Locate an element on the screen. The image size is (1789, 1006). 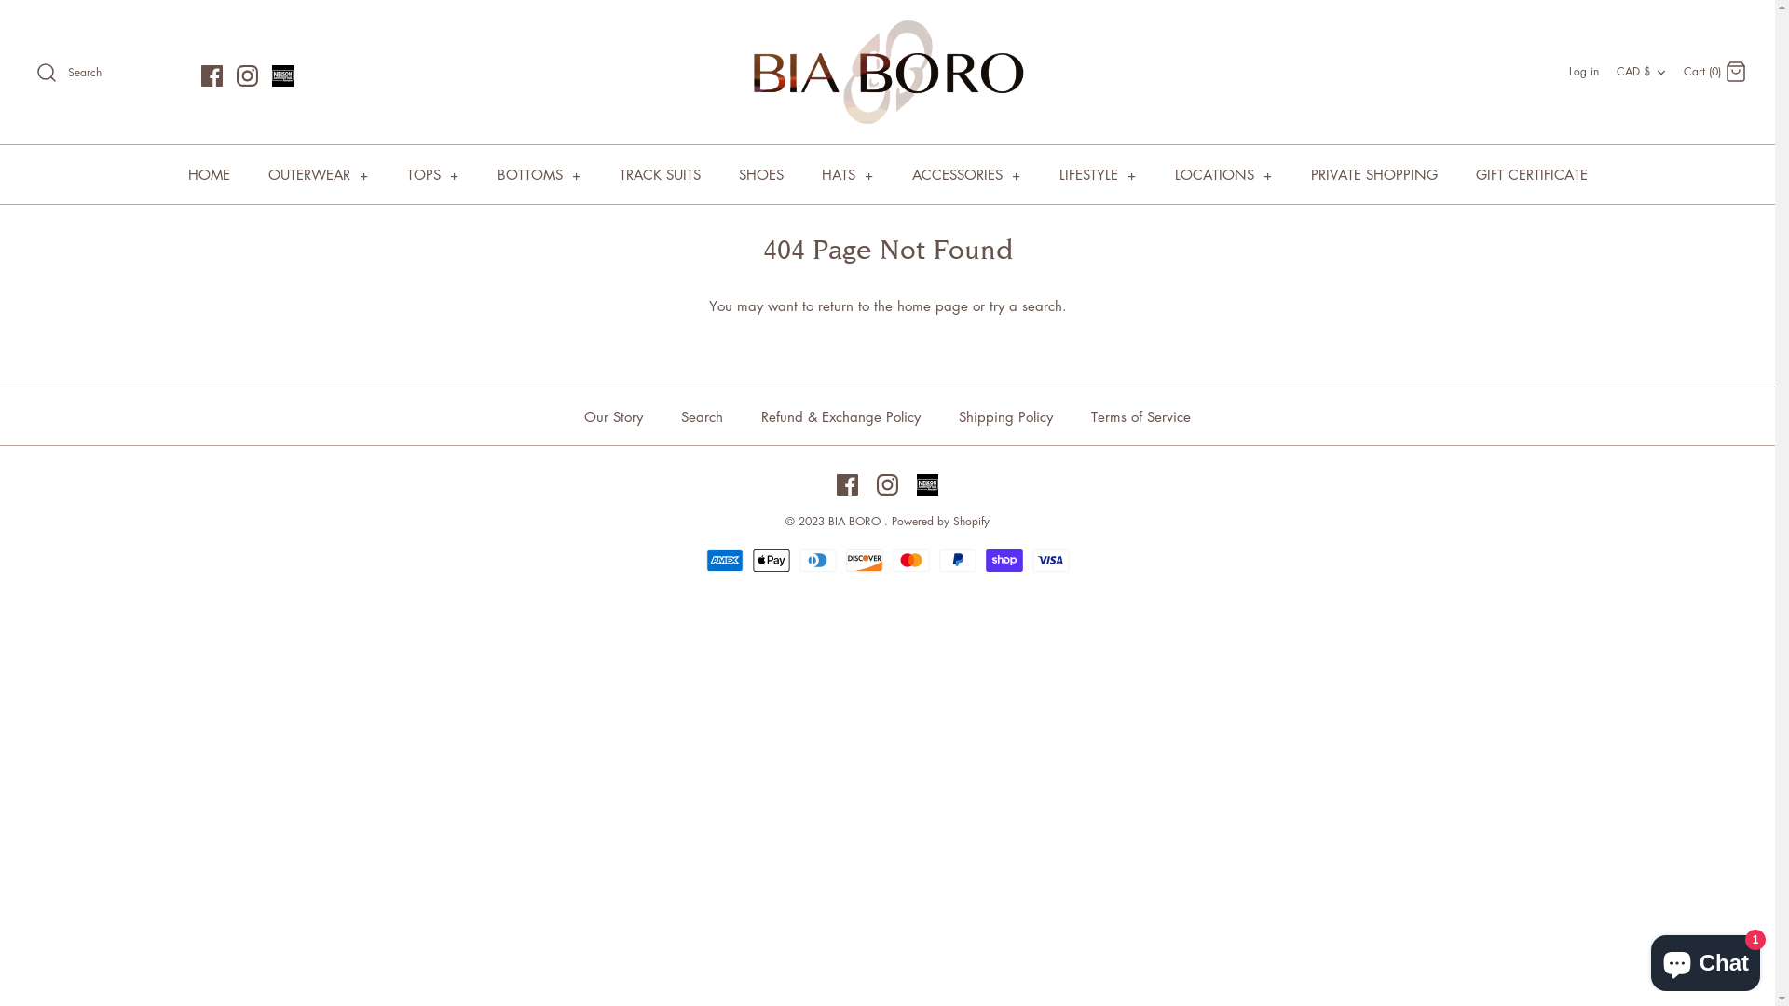
'Cart (0) Cart' is located at coordinates (1714, 69).